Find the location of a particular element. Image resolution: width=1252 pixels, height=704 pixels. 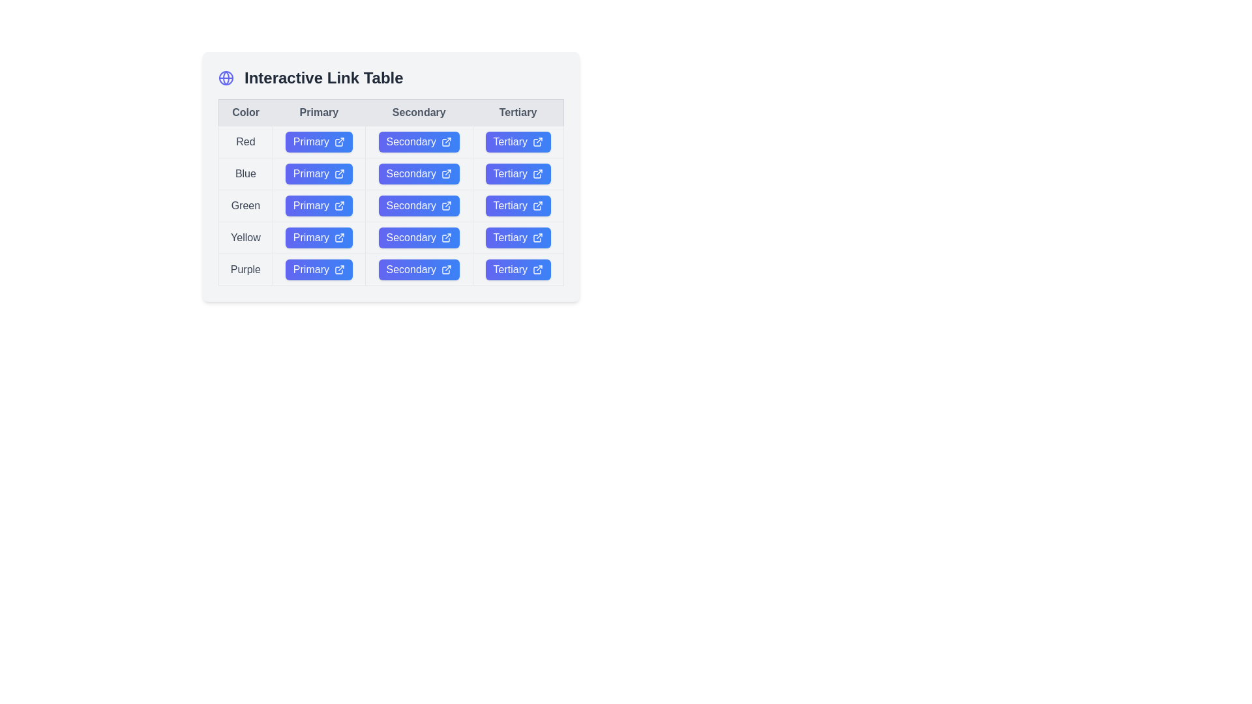

the visual style of the external link icon located within the 'Primary' button in the last row of the 'Interactive Link Table' is located at coordinates (339, 269).